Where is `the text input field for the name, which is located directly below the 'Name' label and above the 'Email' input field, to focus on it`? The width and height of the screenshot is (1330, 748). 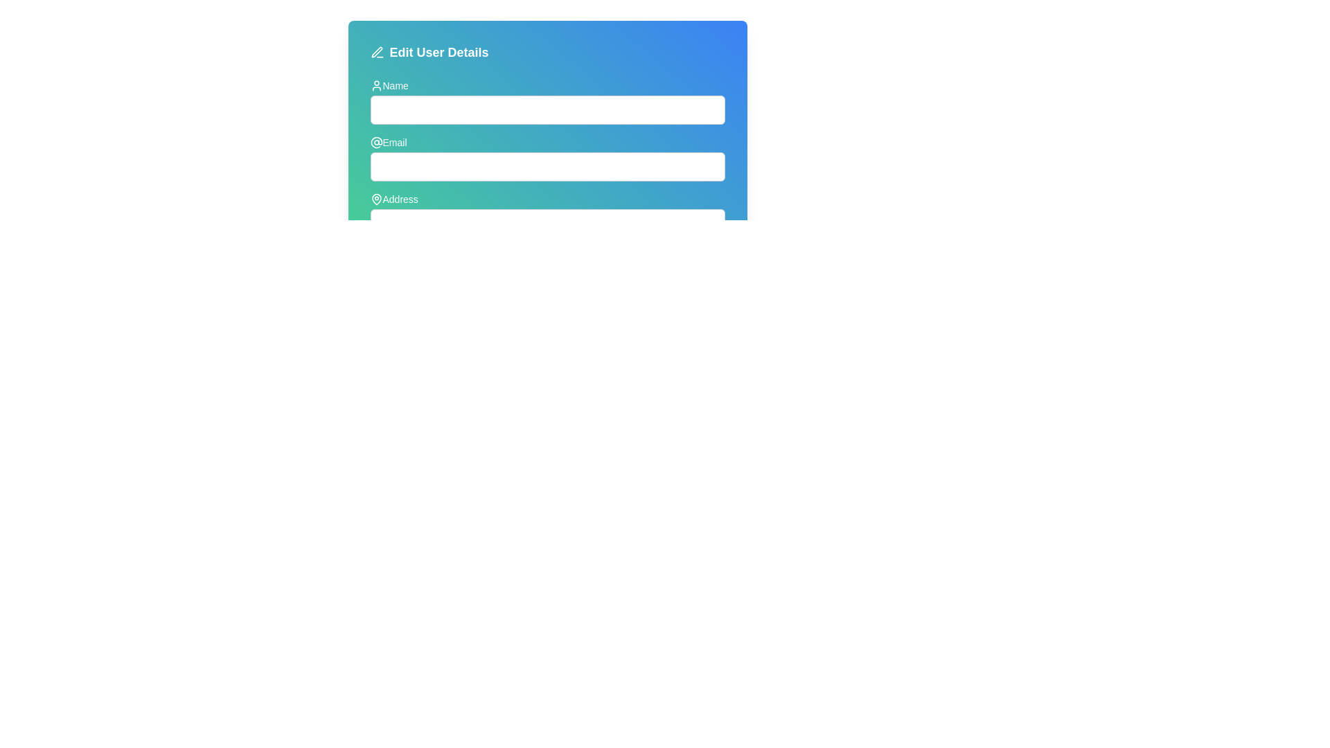
the text input field for the name, which is located directly below the 'Name' label and above the 'Email' input field, to focus on it is located at coordinates (547, 100).